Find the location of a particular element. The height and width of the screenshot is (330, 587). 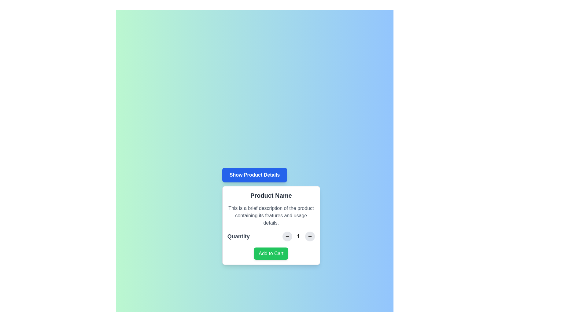

the button that increases the quantity of a product in the cart, located to the right of the quantity input field in the 'Quantity' section of the product purchase card is located at coordinates (310, 236).